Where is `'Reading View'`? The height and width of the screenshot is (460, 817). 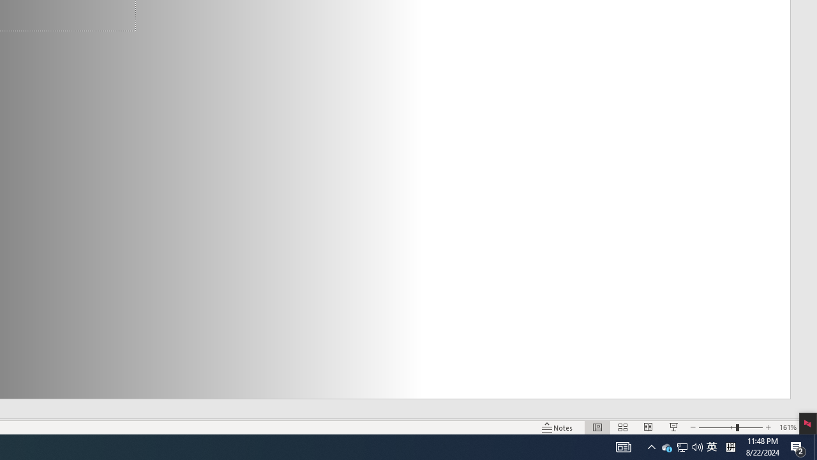
'Reading View' is located at coordinates (648, 427).